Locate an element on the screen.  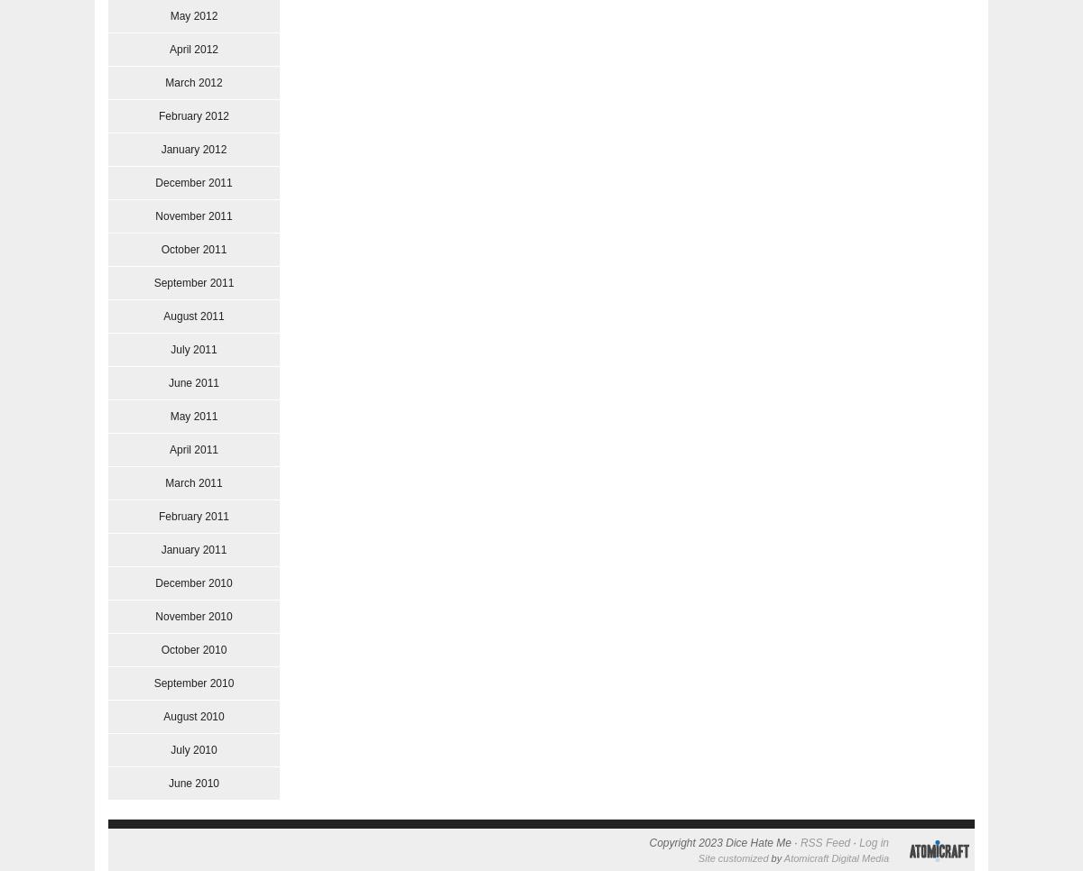
'January 2012' is located at coordinates (192, 148).